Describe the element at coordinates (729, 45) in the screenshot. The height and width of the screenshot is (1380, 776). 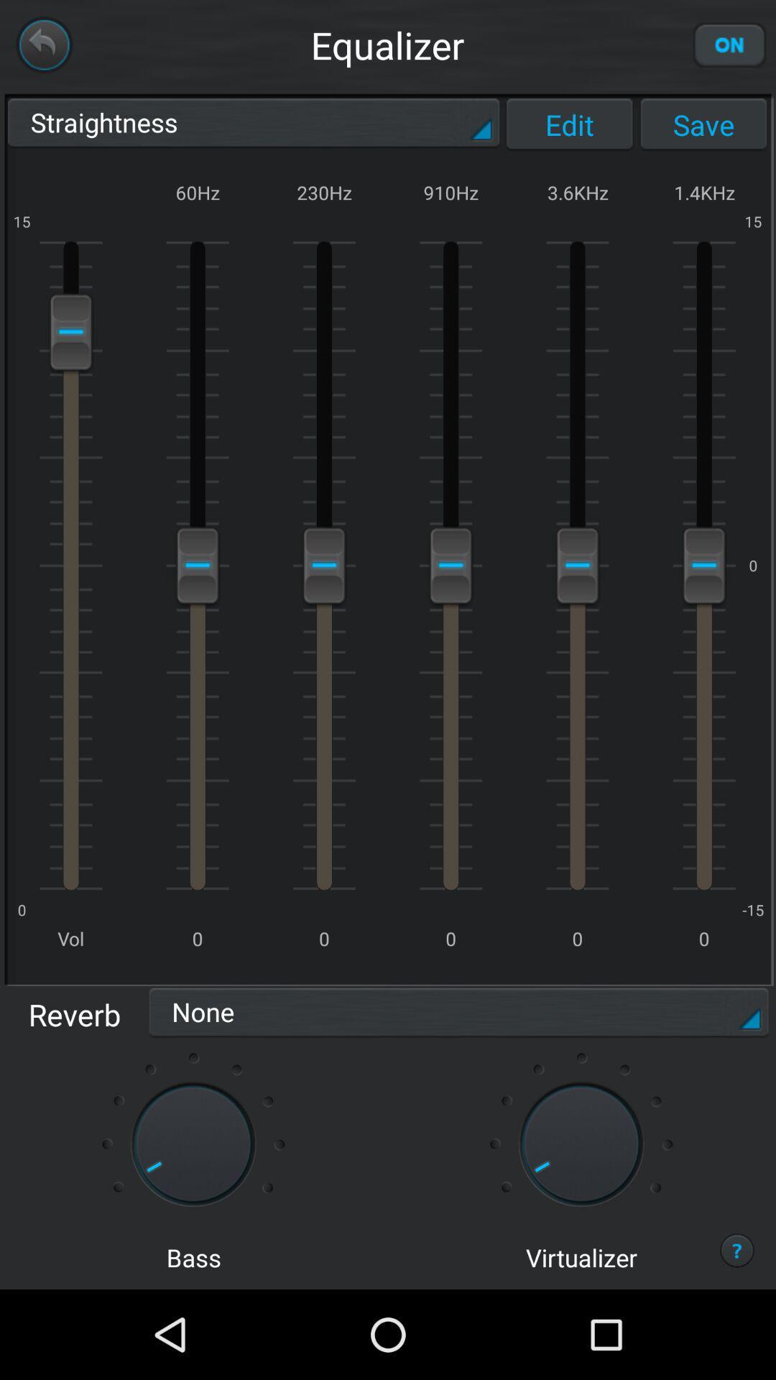
I see `on text button to the right of equalizer text` at that location.